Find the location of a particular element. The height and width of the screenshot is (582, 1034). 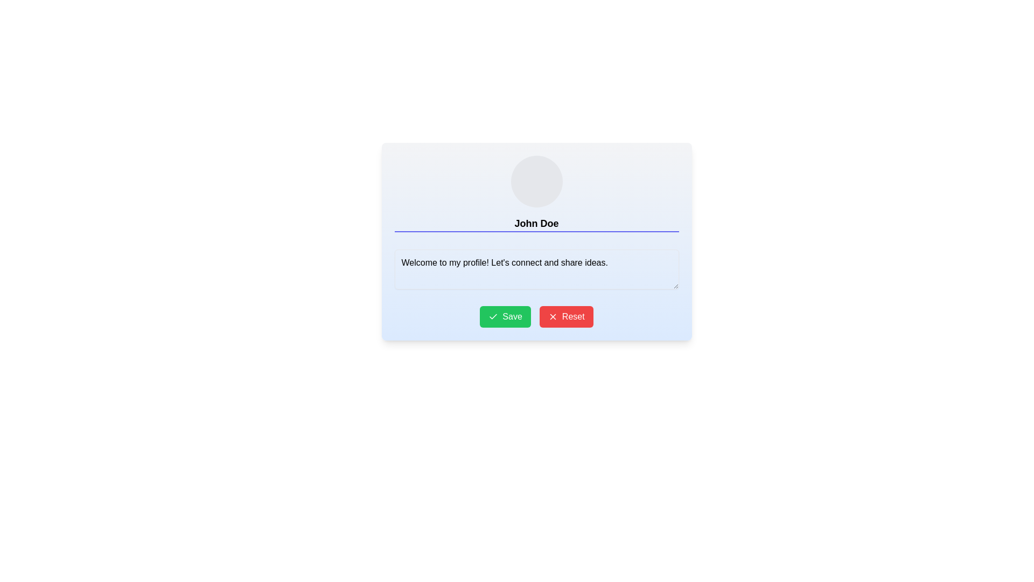

the checkmark icon inside the 'Save' button, which has a green rounded rectangular background and is located below the input text area is located at coordinates (493, 316).